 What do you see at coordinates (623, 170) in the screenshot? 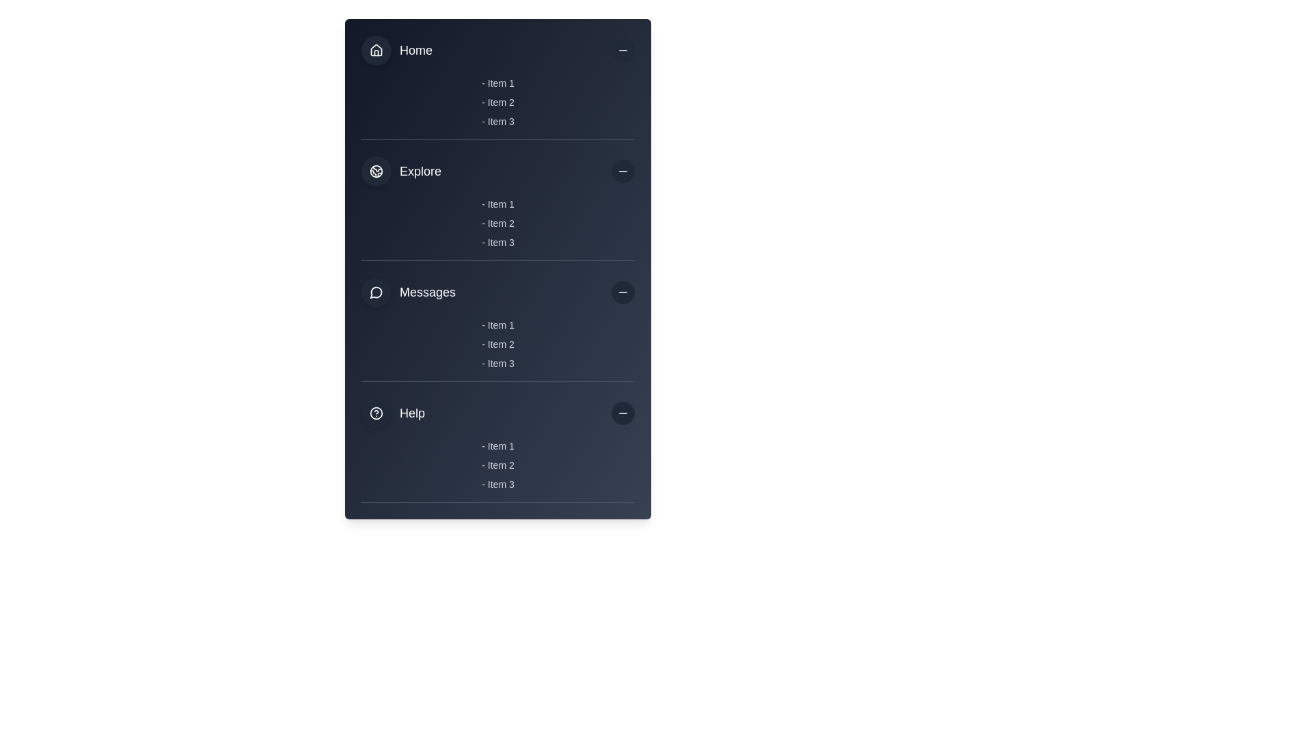
I see `the toggle button that expands or collapses the 'Explore' group, which is the second button of four located on the right side of the group list` at bounding box center [623, 170].